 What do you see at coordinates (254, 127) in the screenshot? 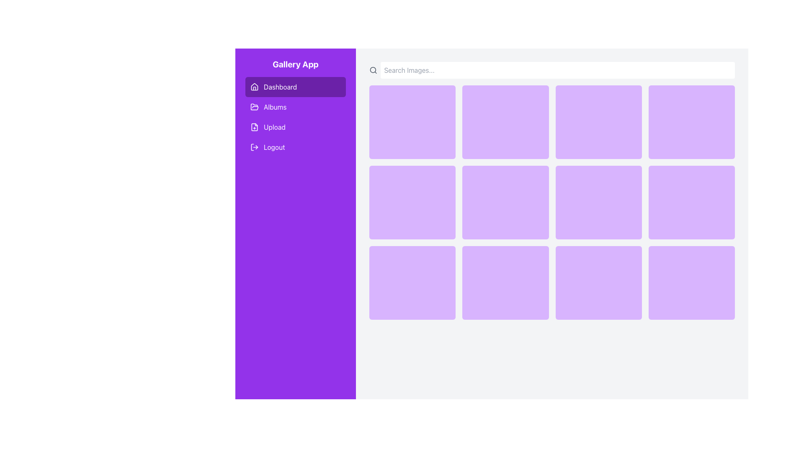
I see `the file icon with a plus sign located in the 'Upload' option area of the vertical menu on the left-hand side of the interface` at bounding box center [254, 127].